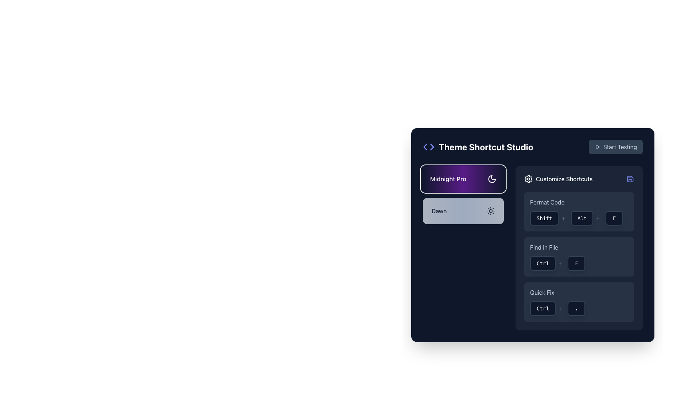  What do you see at coordinates (492, 179) in the screenshot?
I see `the visual response of the crescent moon icon that indicates the 'Night Mode' or 'Dark Theme' selection feature, located on the right side of the 'Midnight Pro' button` at bounding box center [492, 179].